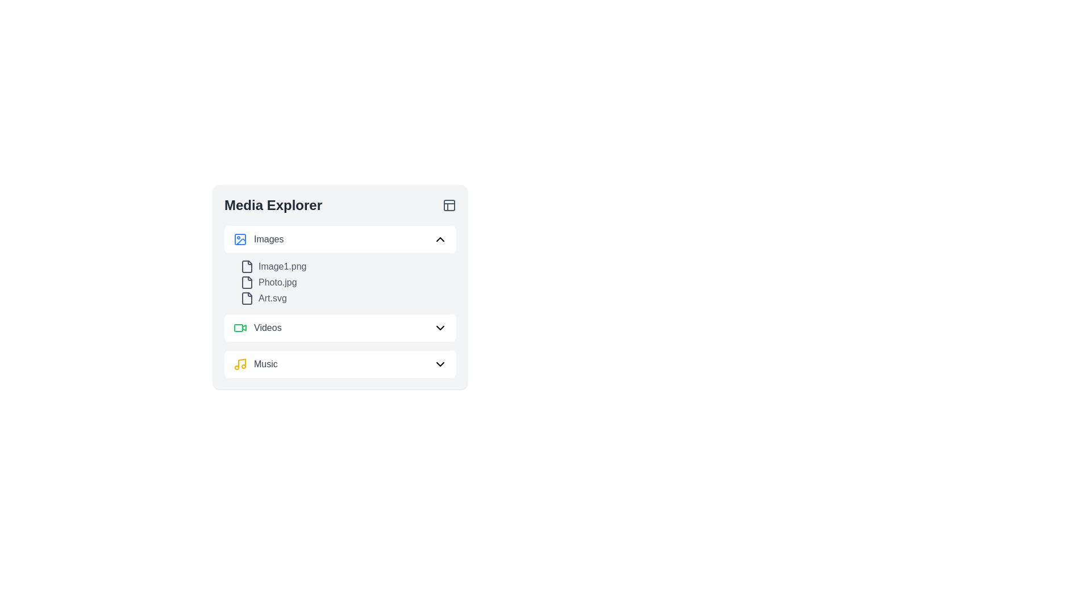 This screenshot has width=1091, height=613. What do you see at coordinates (239, 364) in the screenshot?
I see `the orange musical note icon with a circular yellow color located to the left of the 'Music' text in the Media Explorer panel` at bounding box center [239, 364].